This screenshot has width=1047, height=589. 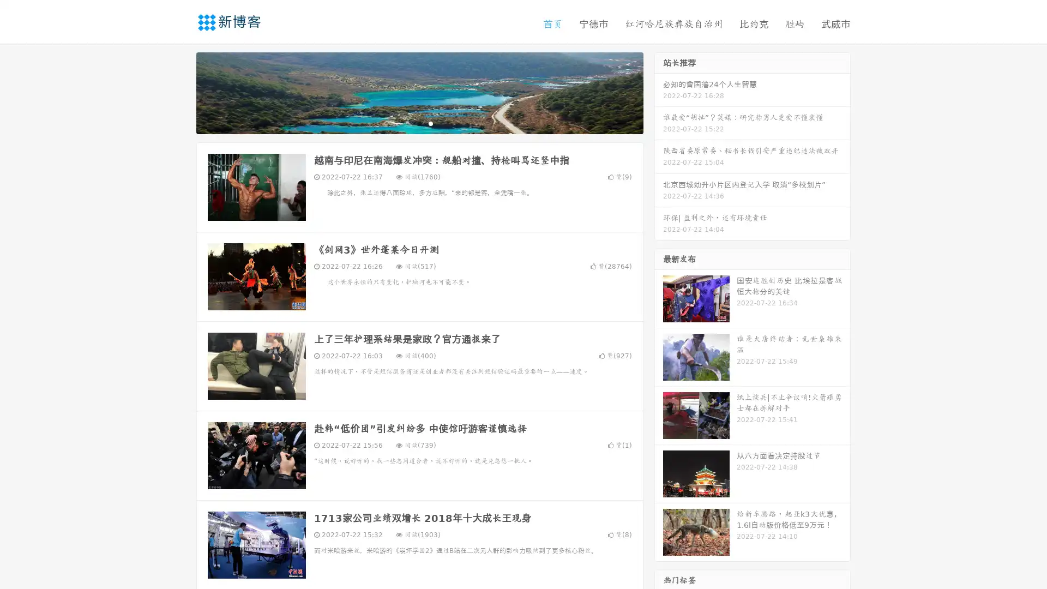 What do you see at coordinates (180, 92) in the screenshot?
I see `Previous slide` at bounding box center [180, 92].